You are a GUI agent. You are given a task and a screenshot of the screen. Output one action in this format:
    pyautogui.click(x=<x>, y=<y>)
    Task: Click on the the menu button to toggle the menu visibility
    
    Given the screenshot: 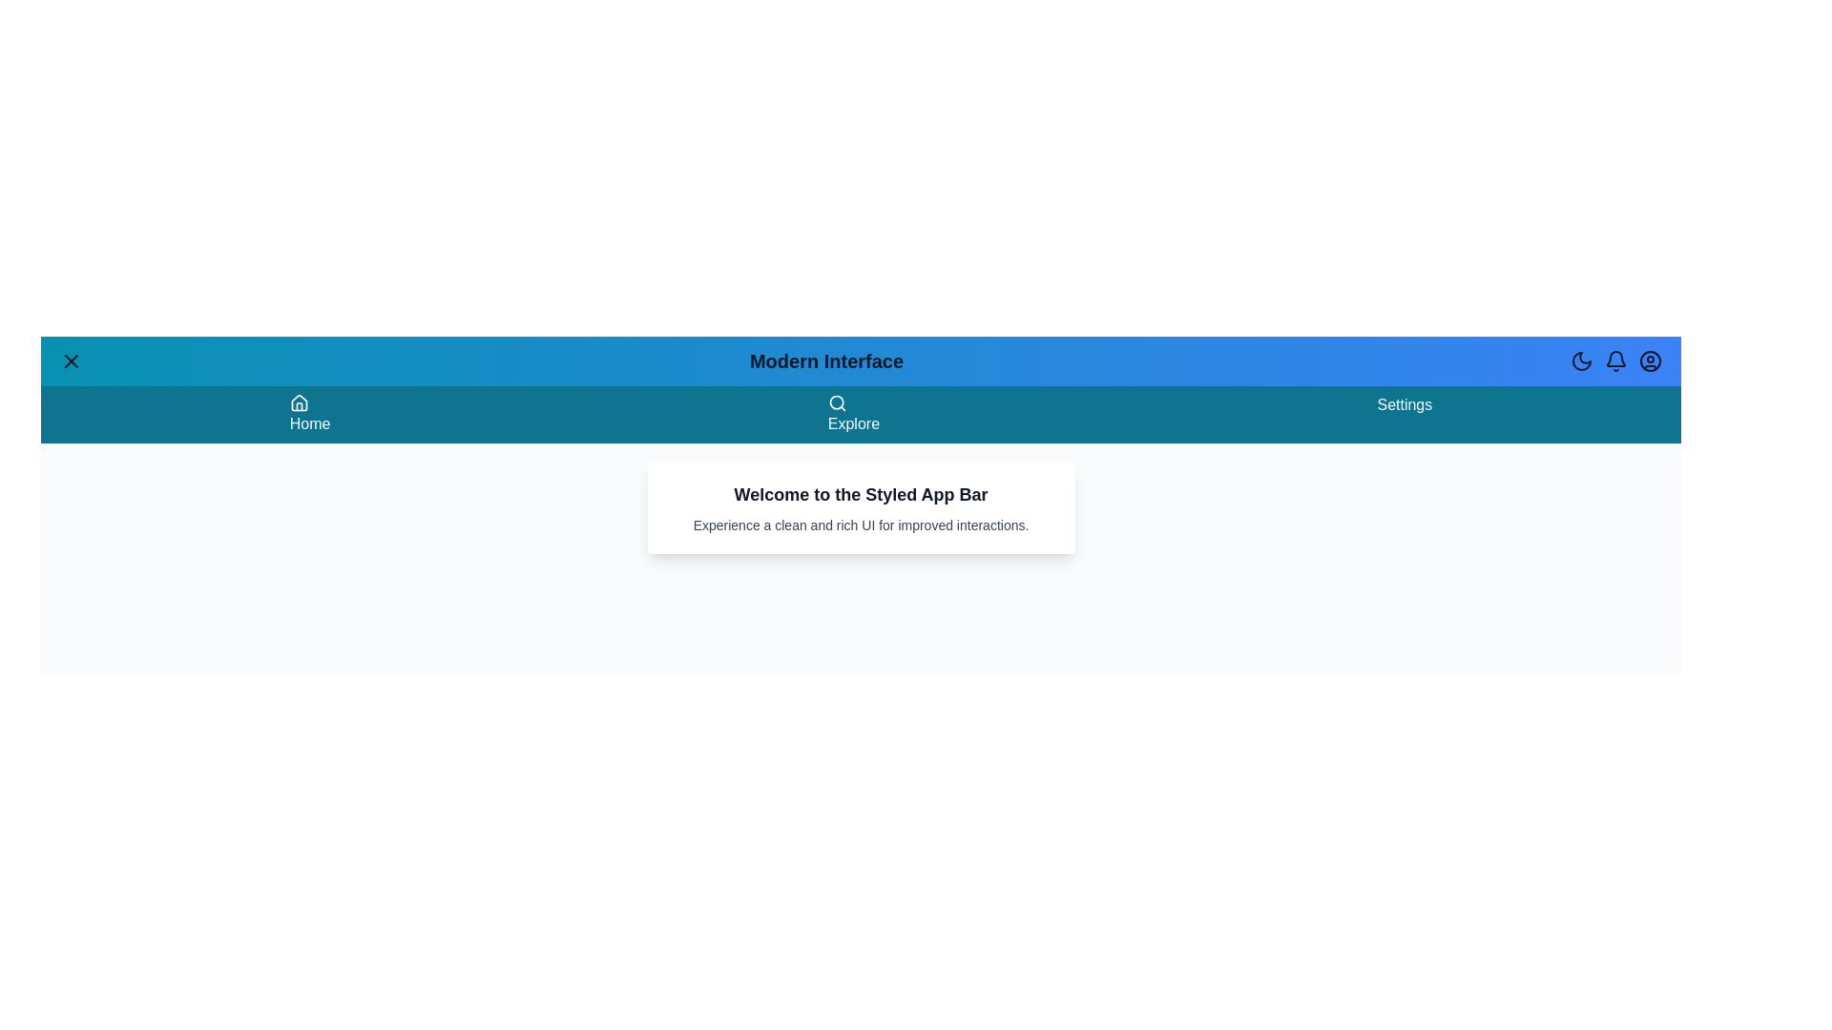 What is the action you would take?
    pyautogui.click(x=72, y=360)
    